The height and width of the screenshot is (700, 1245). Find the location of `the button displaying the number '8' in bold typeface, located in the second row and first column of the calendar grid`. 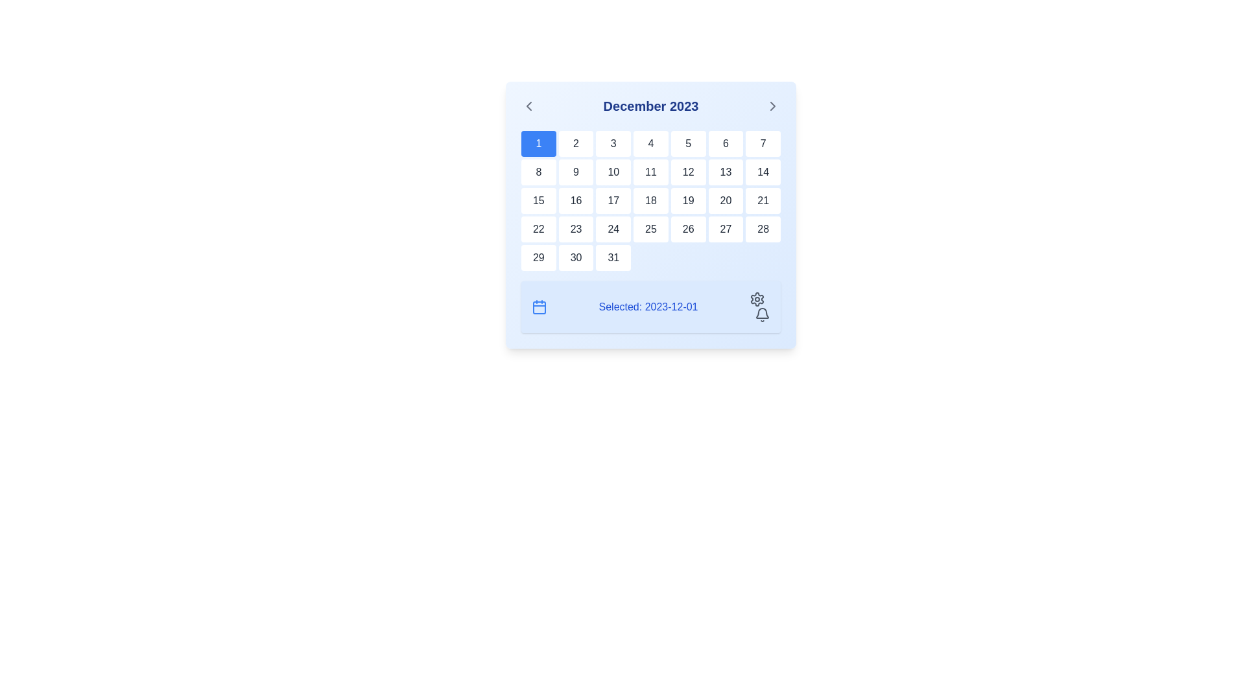

the button displaying the number '8' in bold typeface, located in the second row and first column of the calendar grid is located at coordinates (538, 172).